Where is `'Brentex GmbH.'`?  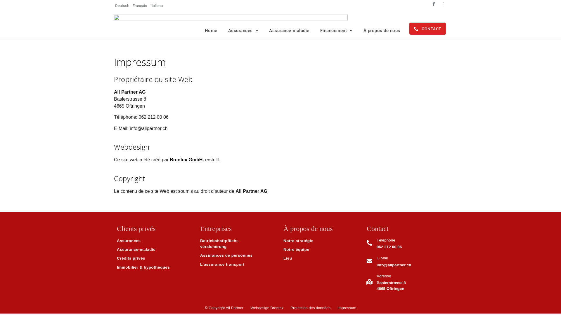 'Brentex GmbH.' is located at coordinates (186, 160).